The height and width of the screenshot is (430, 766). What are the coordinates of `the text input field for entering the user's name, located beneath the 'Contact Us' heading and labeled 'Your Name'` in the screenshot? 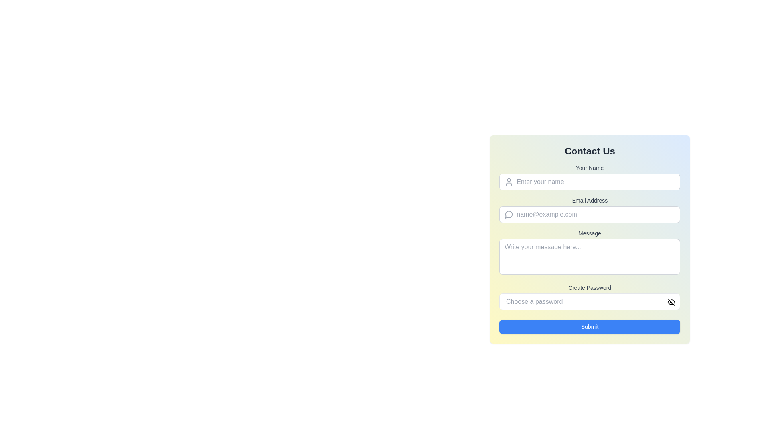 It's located at (590, 176).